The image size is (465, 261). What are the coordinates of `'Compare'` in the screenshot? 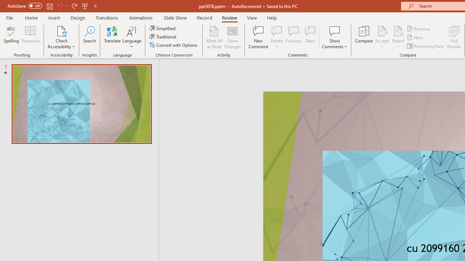 It's located at (364, 37).